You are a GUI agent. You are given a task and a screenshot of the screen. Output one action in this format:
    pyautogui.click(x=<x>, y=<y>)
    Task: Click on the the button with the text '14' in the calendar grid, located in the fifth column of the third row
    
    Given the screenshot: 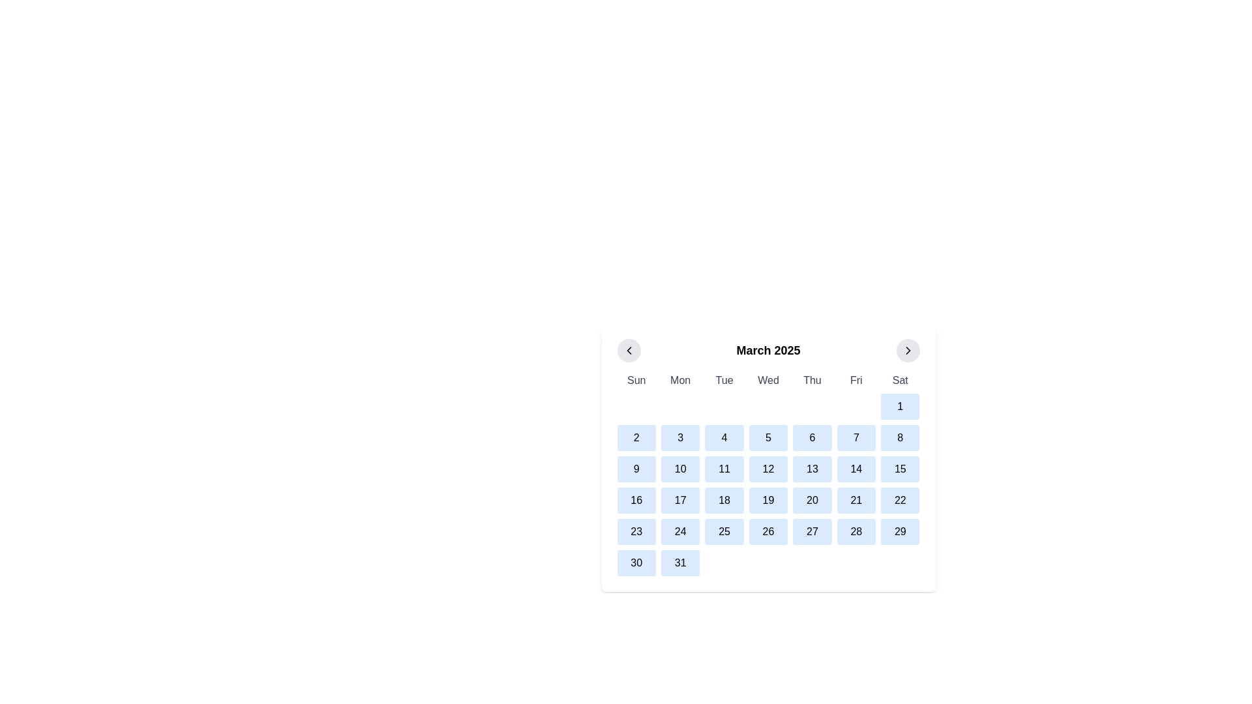 What is the action you would take?
    pyautogui.click(x=856, y=469)
    